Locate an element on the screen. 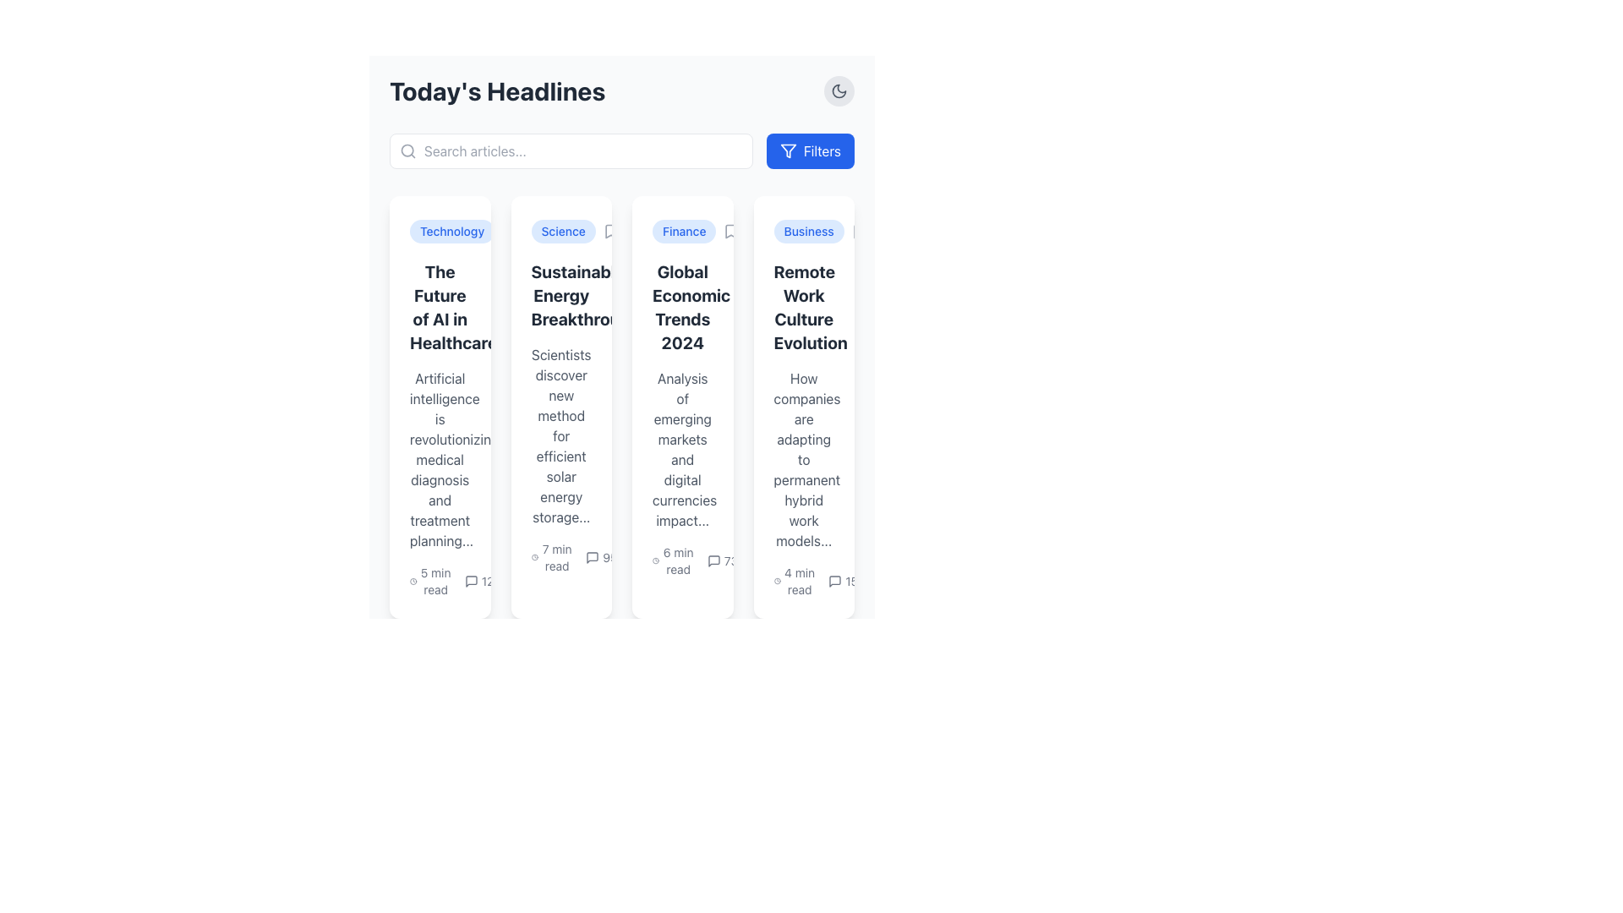 Image resolution: width=1623 pixels, height=913 pixels. the text label located below the title 'Remote Work Culture Evolution' in the fourth column of the card is located at coordinates (803, 459).